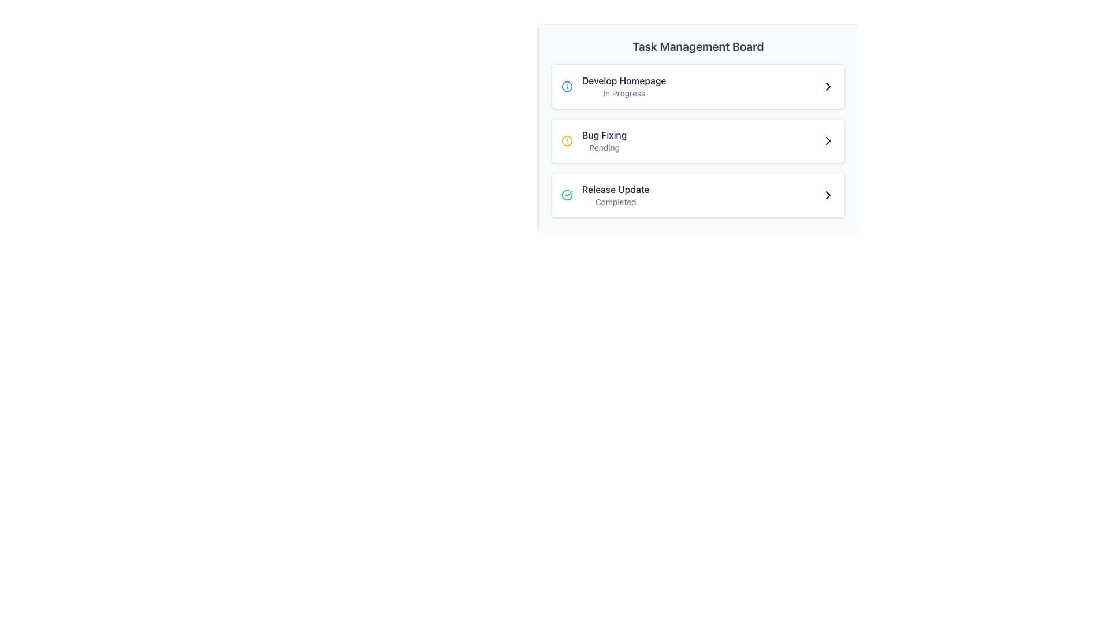 The height and width of the screenshot is (624, 1109). What do you see at coordinates (828, 140) in the screenshot?
I see `the right-facing chevron icon styled with black lines, located at the end of the 'Bug Fixing - Pending' task entry in the task management interface` at bounding box center [828, 140].